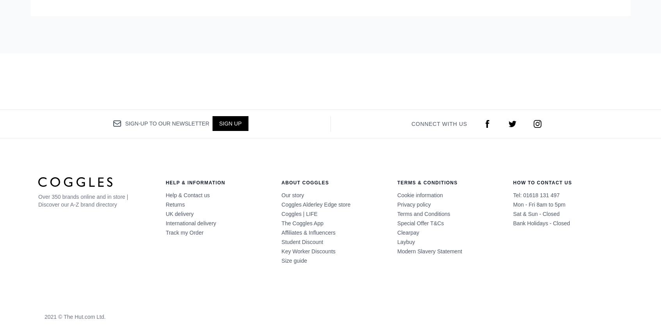 This screenshot has height=327, width=661. What do you see at coordinates (308, 232) in the screenshot?
I see `'Affiliates & Influencers'` at bounding box center [308, 232].